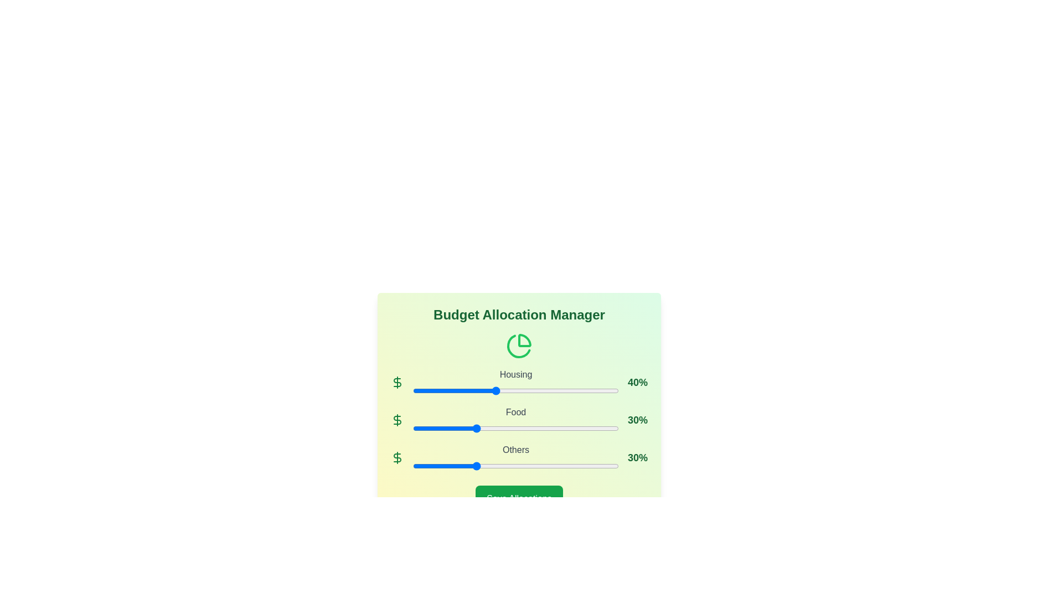 Image resolution: width=1063 pixels, height=598 pixels. What do you see at coordinates (398, 382) in the screenshot?
I see `the dollar sign icon for Housing` at bounding box center [398, 382].